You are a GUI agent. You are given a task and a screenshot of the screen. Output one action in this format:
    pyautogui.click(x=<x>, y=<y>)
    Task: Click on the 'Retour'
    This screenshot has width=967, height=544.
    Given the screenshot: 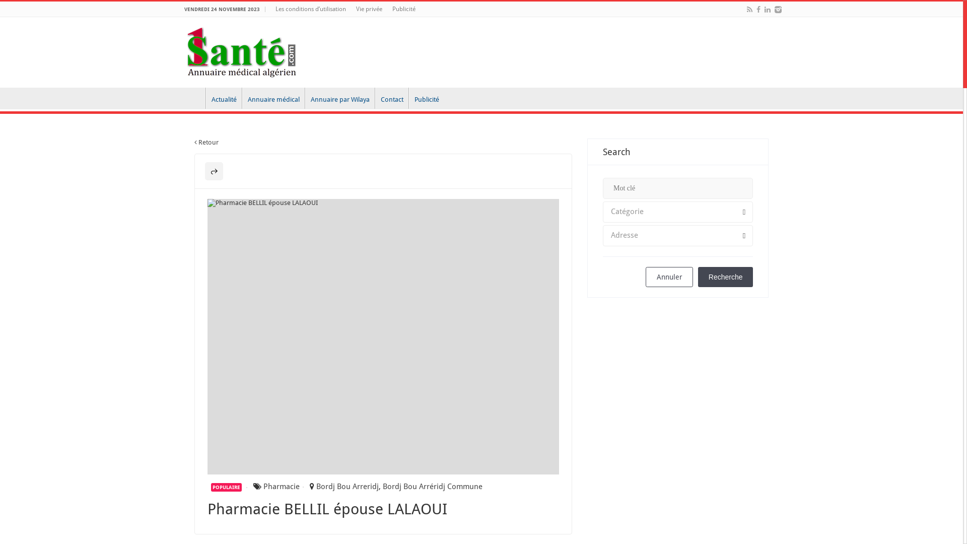 What is the action you would take?
    pyautogui.click(x=205, y=142)
    